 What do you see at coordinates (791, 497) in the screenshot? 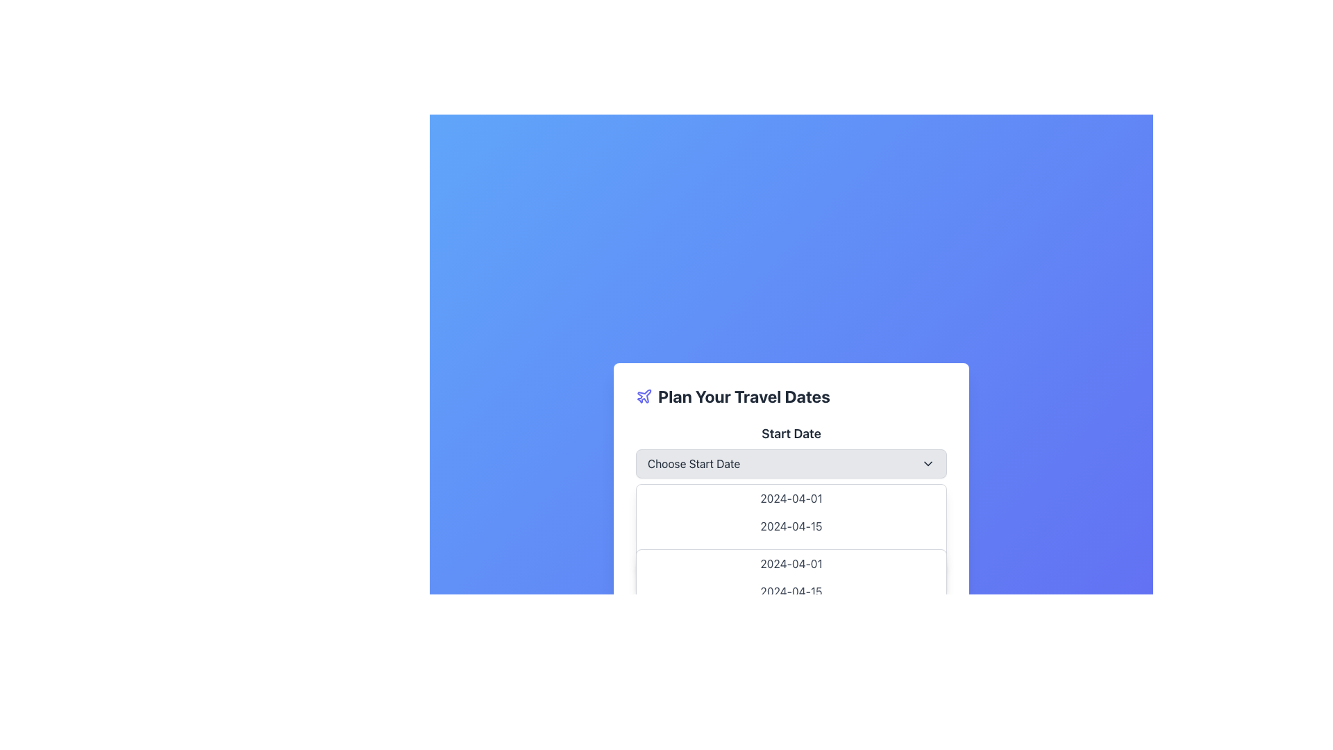
I see `the first option in the dropdown list of dates labeled '2024-04-01'` at bounding box center [791, 497].